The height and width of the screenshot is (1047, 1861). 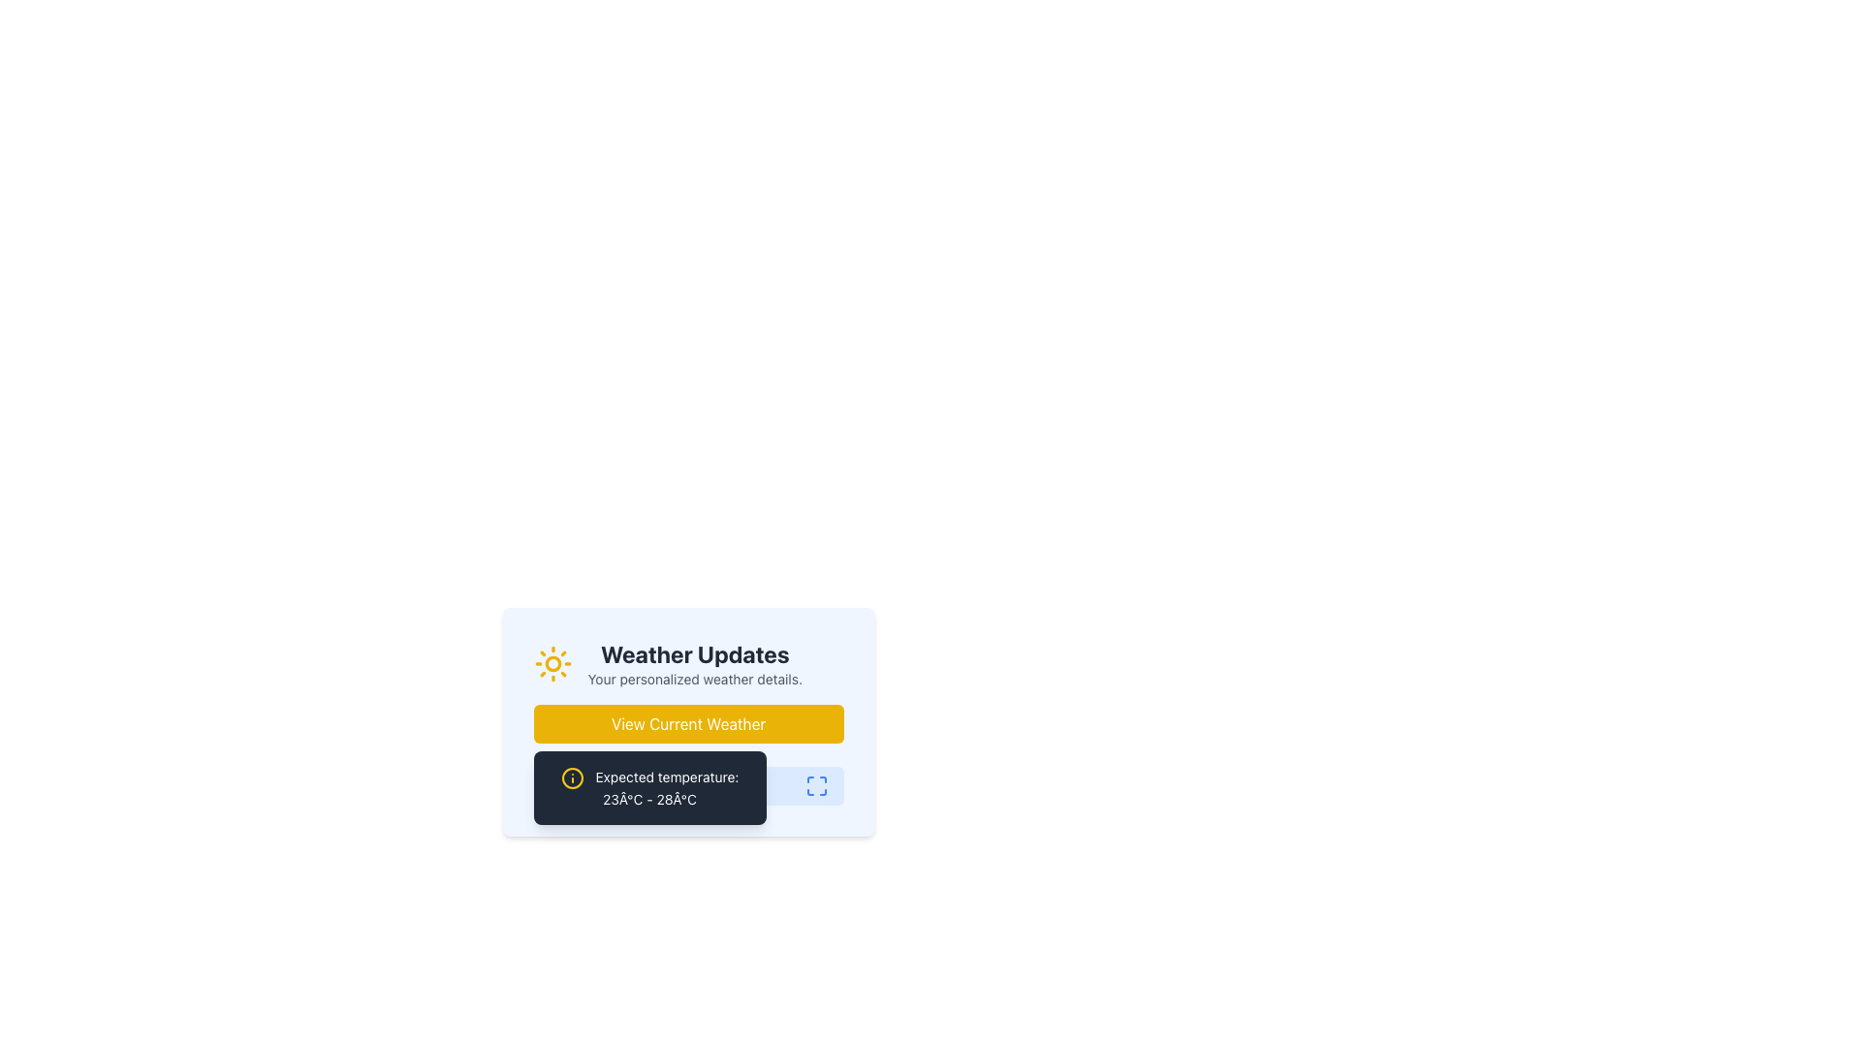 What do you see at coordinates (552, 663) in the screenshot?
I see `the yellow sun icon, which is the leftmost item in the weather information card, positioned directly to the left of the 'Weather Updates' heading` at bounding box center [552, 663].